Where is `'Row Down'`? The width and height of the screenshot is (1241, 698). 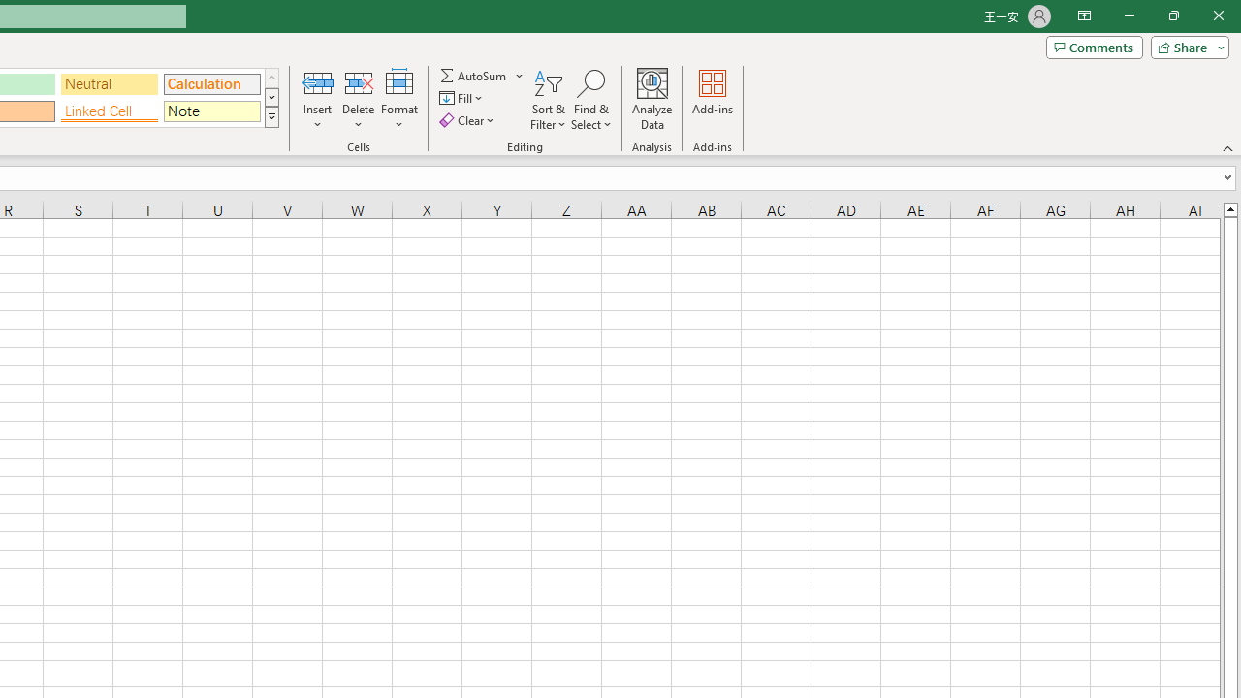 'Row Down' is located at coordinates (270, 97).